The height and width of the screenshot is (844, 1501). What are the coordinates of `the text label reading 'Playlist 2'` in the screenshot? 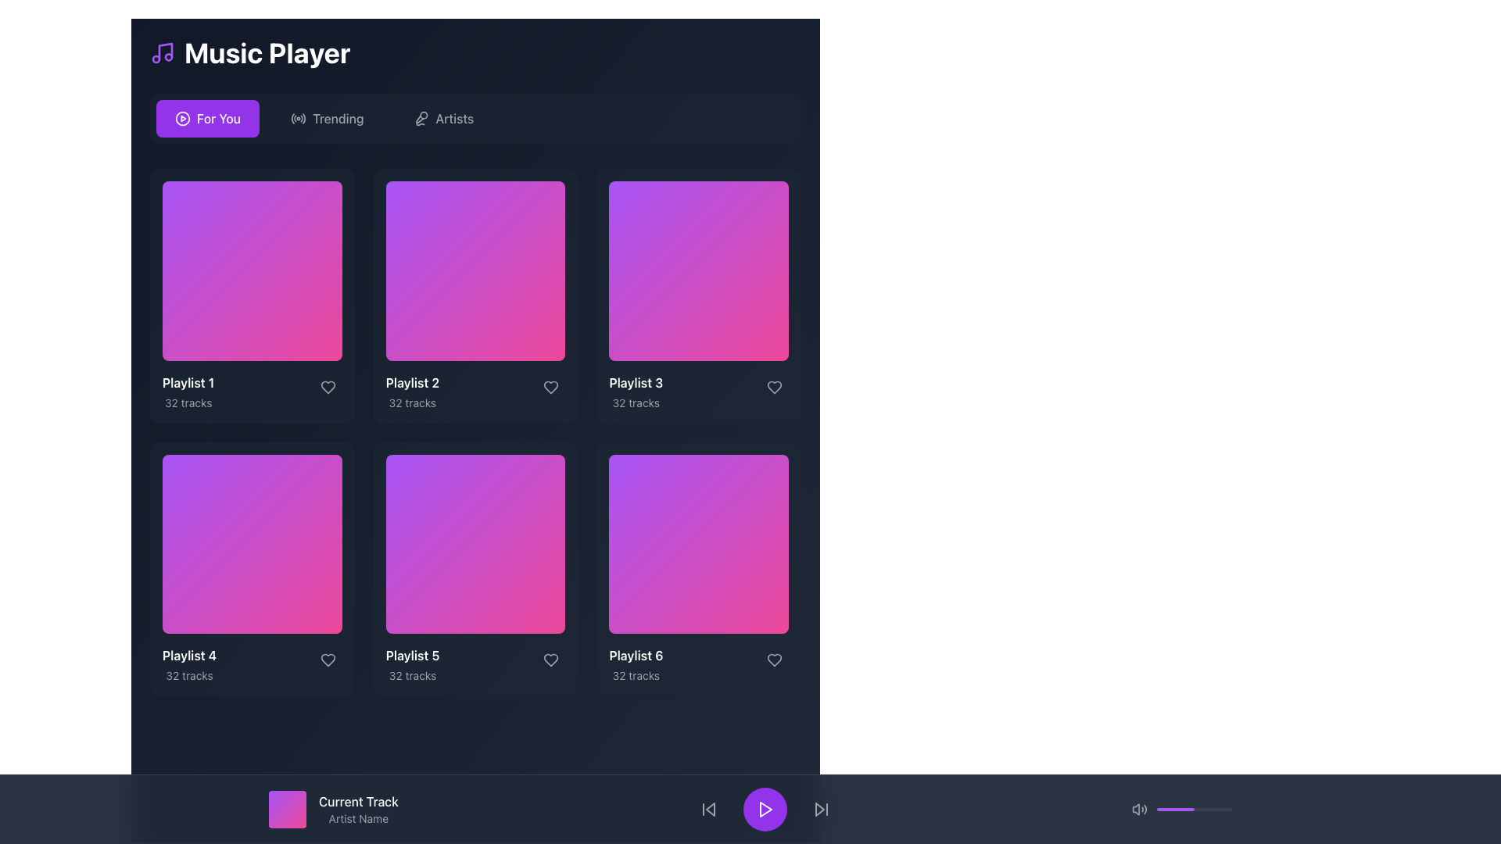 It's located at (413, 382).